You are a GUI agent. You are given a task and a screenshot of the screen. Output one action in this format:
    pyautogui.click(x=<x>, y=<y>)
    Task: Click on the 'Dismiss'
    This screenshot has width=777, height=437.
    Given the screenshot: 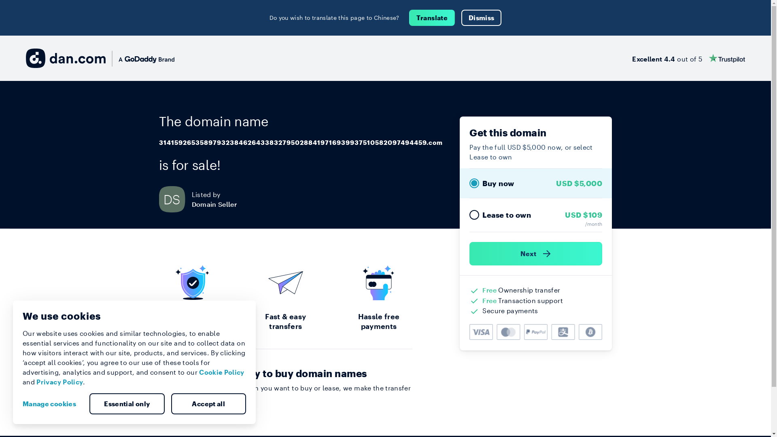 What is the action you would take?
    pyautogui.click(x=481, y=17)
    